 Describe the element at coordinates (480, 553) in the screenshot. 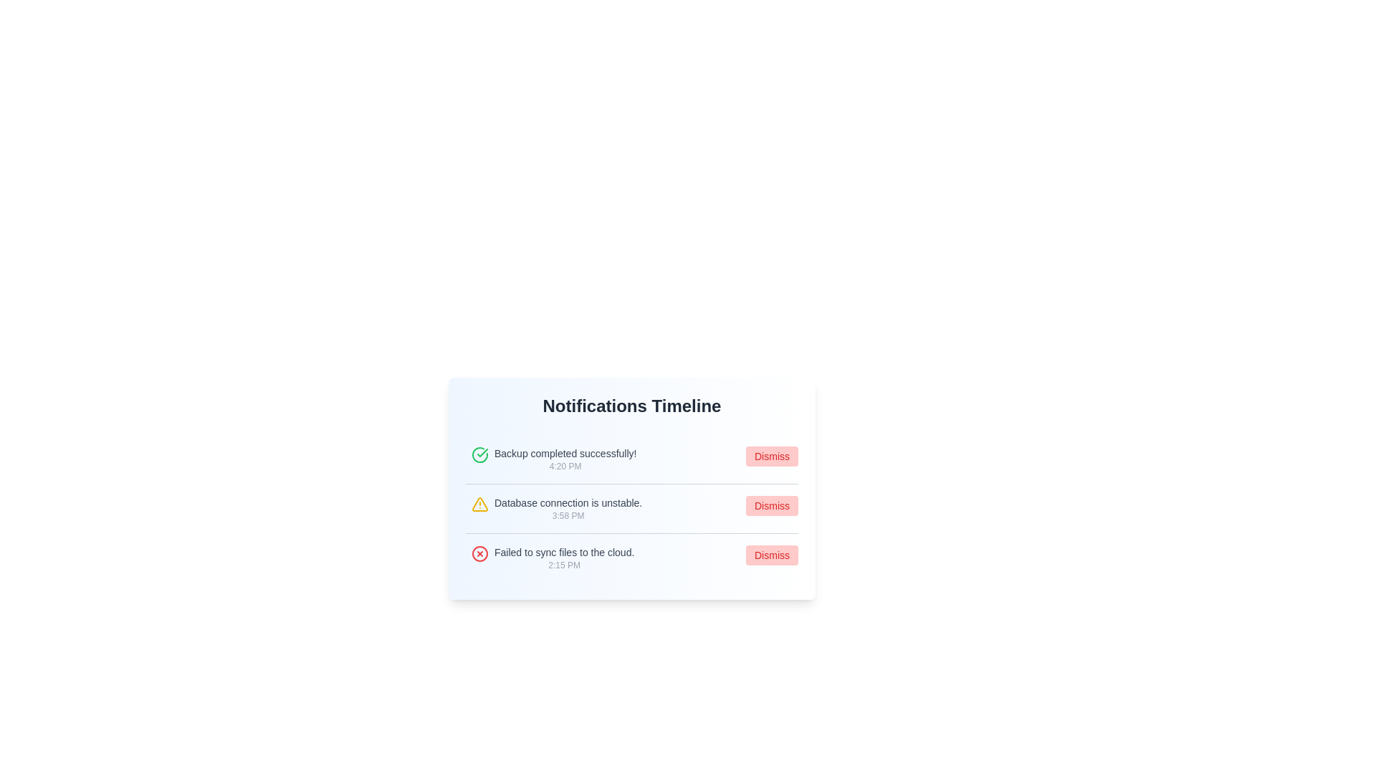

I see `the circular red outlined icon with a red 'X' that indicates failure, located in the third notification row on the leftmost side` at that location.